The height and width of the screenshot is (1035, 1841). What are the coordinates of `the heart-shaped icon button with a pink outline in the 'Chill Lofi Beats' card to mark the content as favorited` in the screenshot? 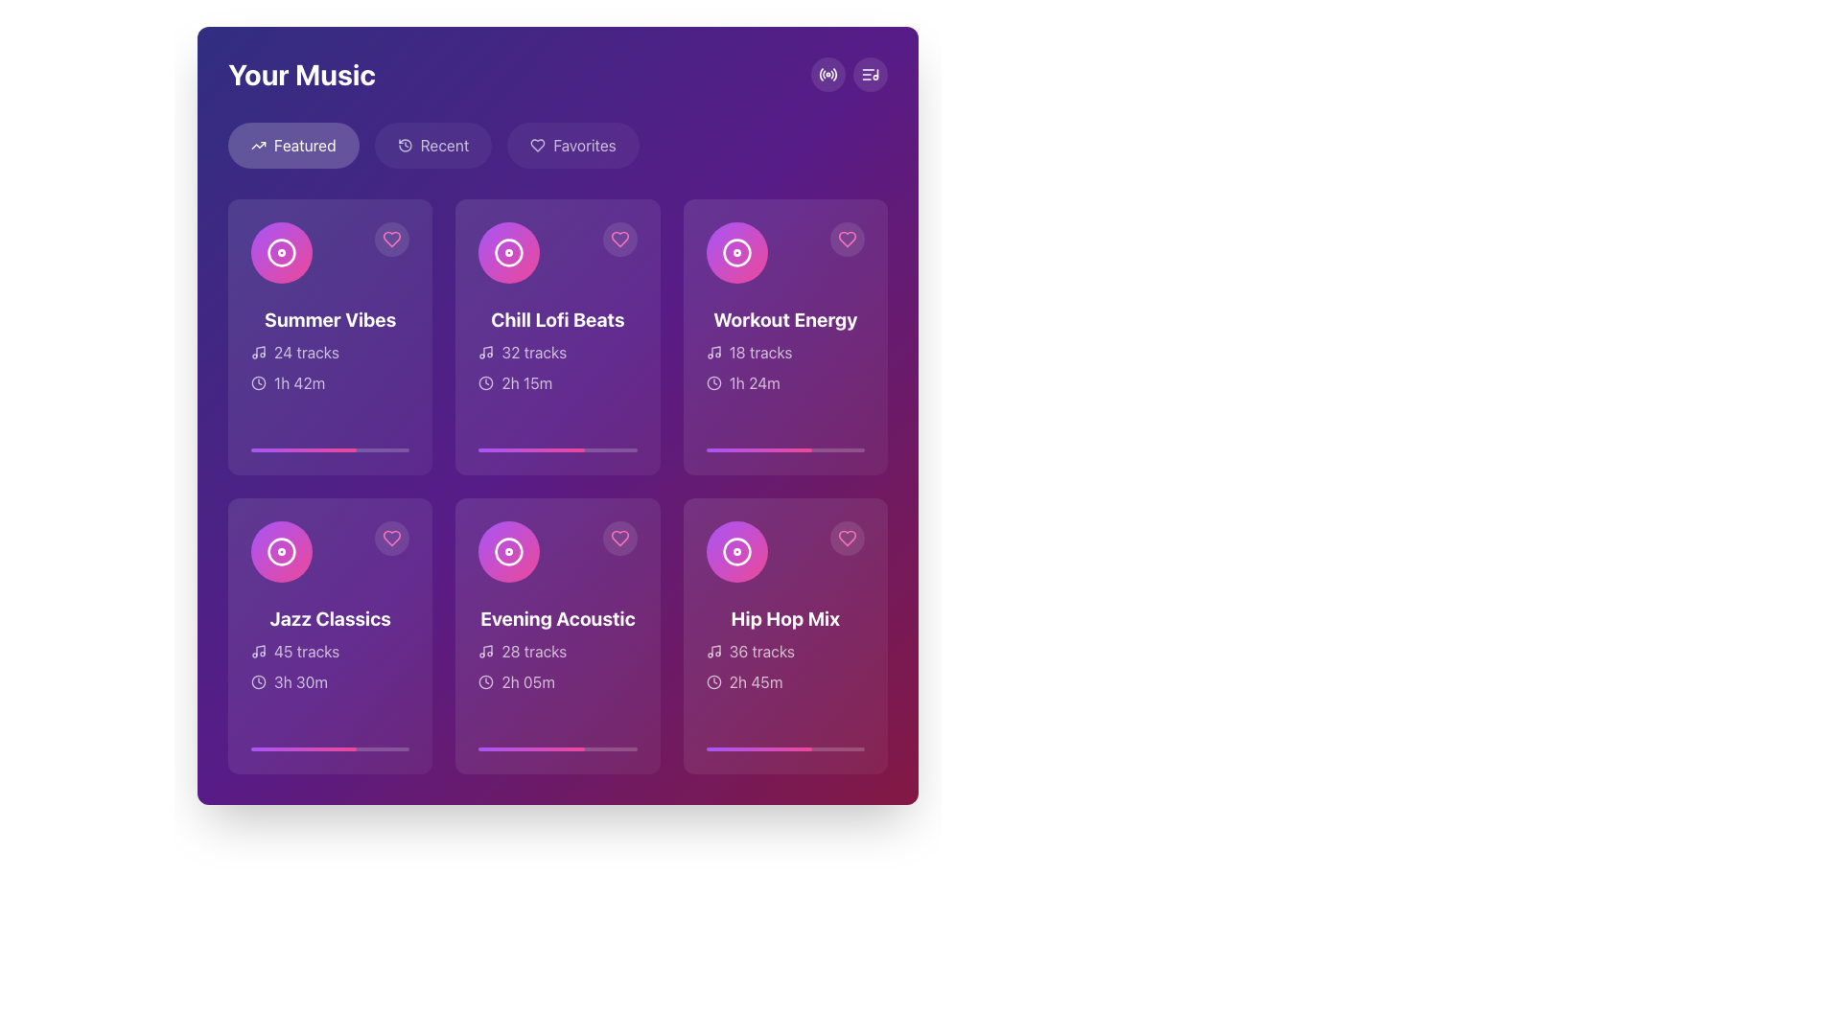 It's located at (619, 239).